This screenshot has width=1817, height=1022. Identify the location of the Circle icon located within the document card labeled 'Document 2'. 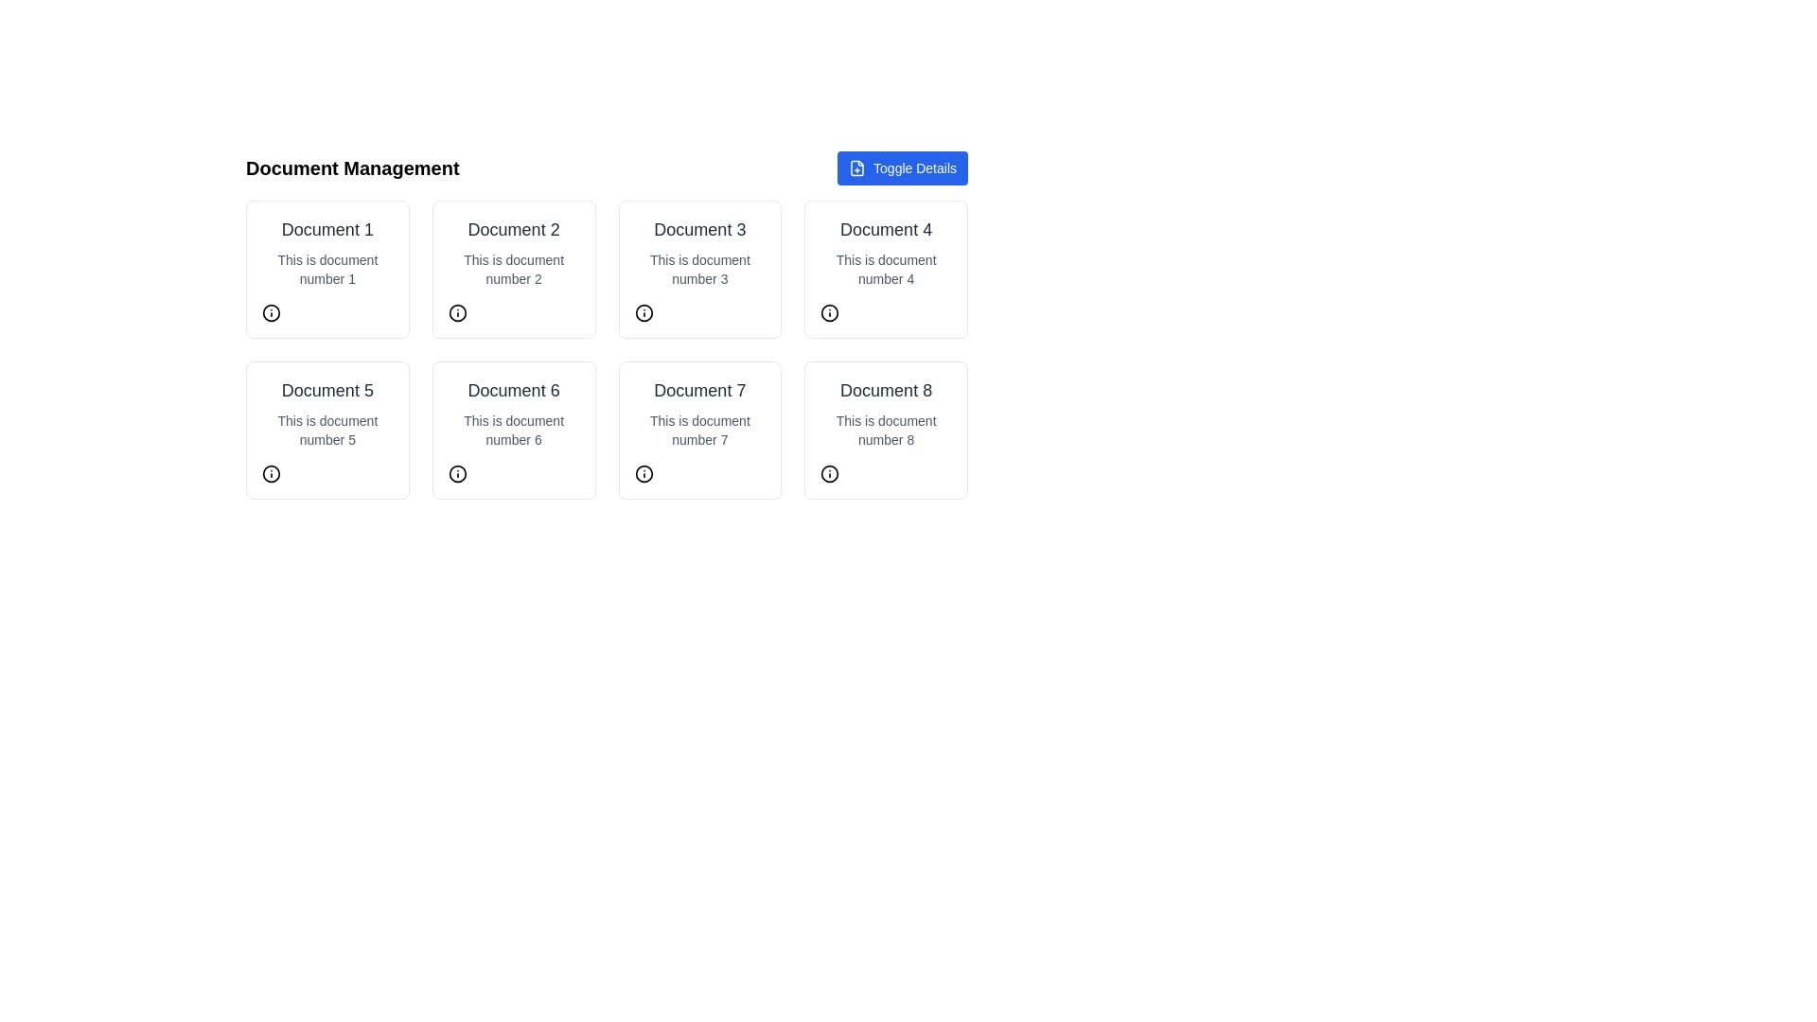
(457, 312).